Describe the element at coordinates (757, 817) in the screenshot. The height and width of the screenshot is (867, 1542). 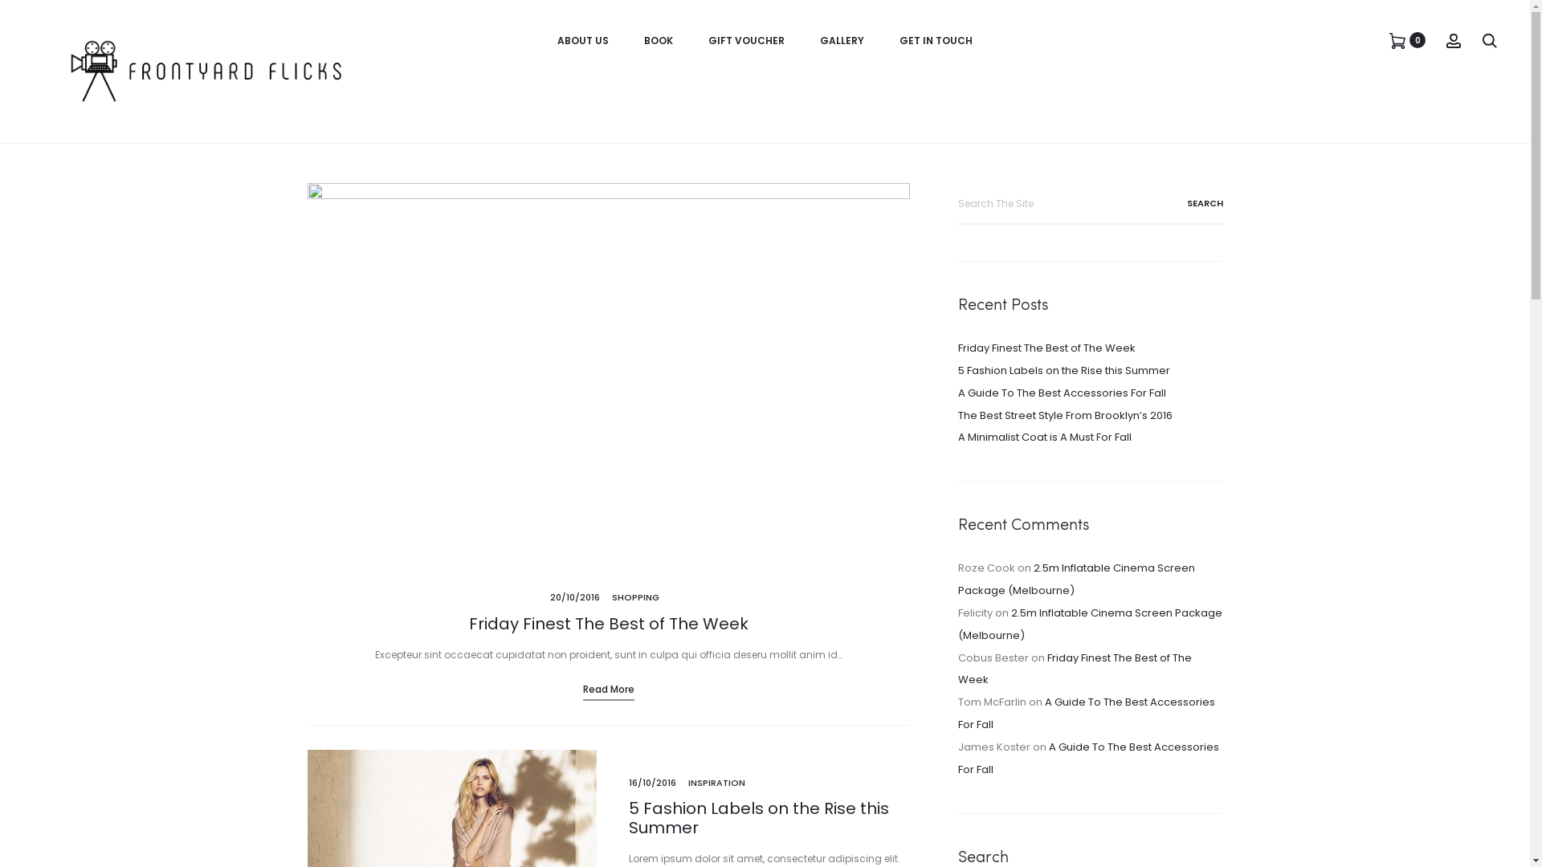
I see `'5 Fashion Labels on the Rise this Summer'` at that location.